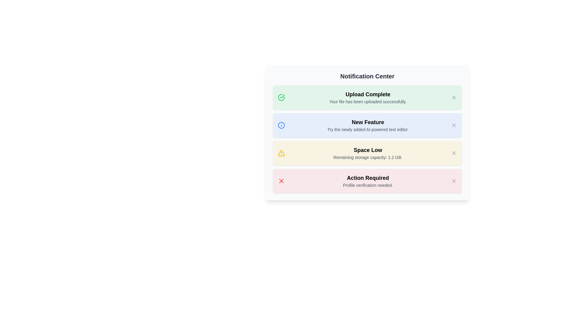  What do you see at coordinates (281, 153) in the screenshot?
I see `the yellow warning triangle icon with an exclamation mark, located to the left of the 'Space Low' notification in the notification center` at bounding box center [281, 153].